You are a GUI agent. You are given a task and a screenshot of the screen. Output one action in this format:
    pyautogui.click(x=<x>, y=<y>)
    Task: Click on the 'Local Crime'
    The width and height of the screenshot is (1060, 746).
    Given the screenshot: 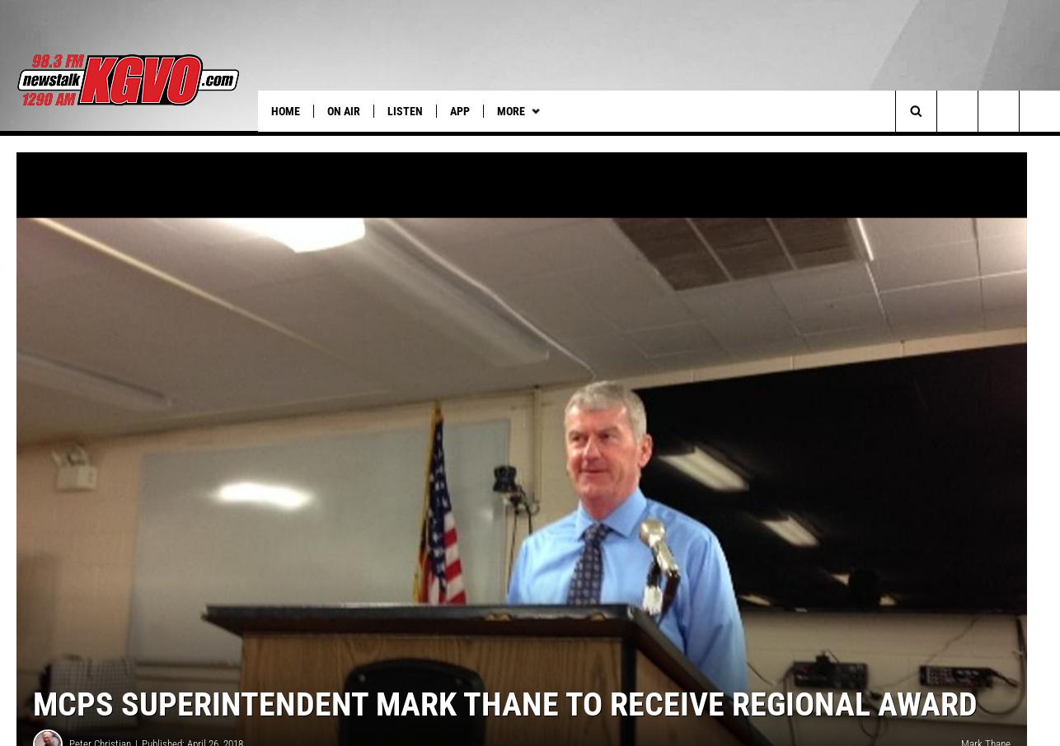 What is the action you would take?
    pyautogui.click(x=835, y=145)
    